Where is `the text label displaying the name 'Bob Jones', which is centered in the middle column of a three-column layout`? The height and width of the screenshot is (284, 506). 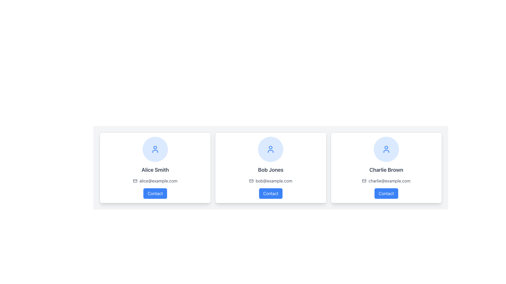 the text label displaying the name 'Bob Jones', which is centered in the middle column of a three-column layout is located at coordinates (271, 170).